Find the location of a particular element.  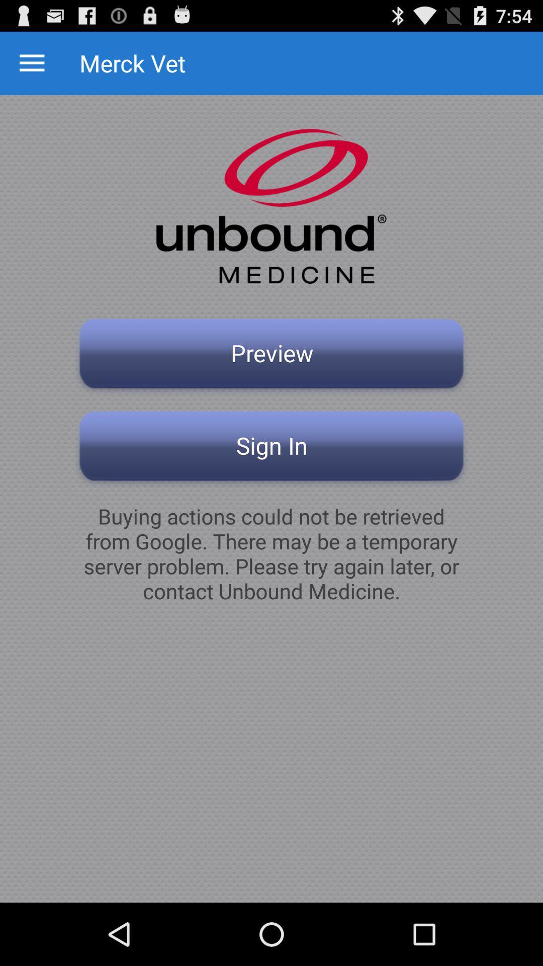

the app above buying actions could icon is located at coordinates (271, 448).